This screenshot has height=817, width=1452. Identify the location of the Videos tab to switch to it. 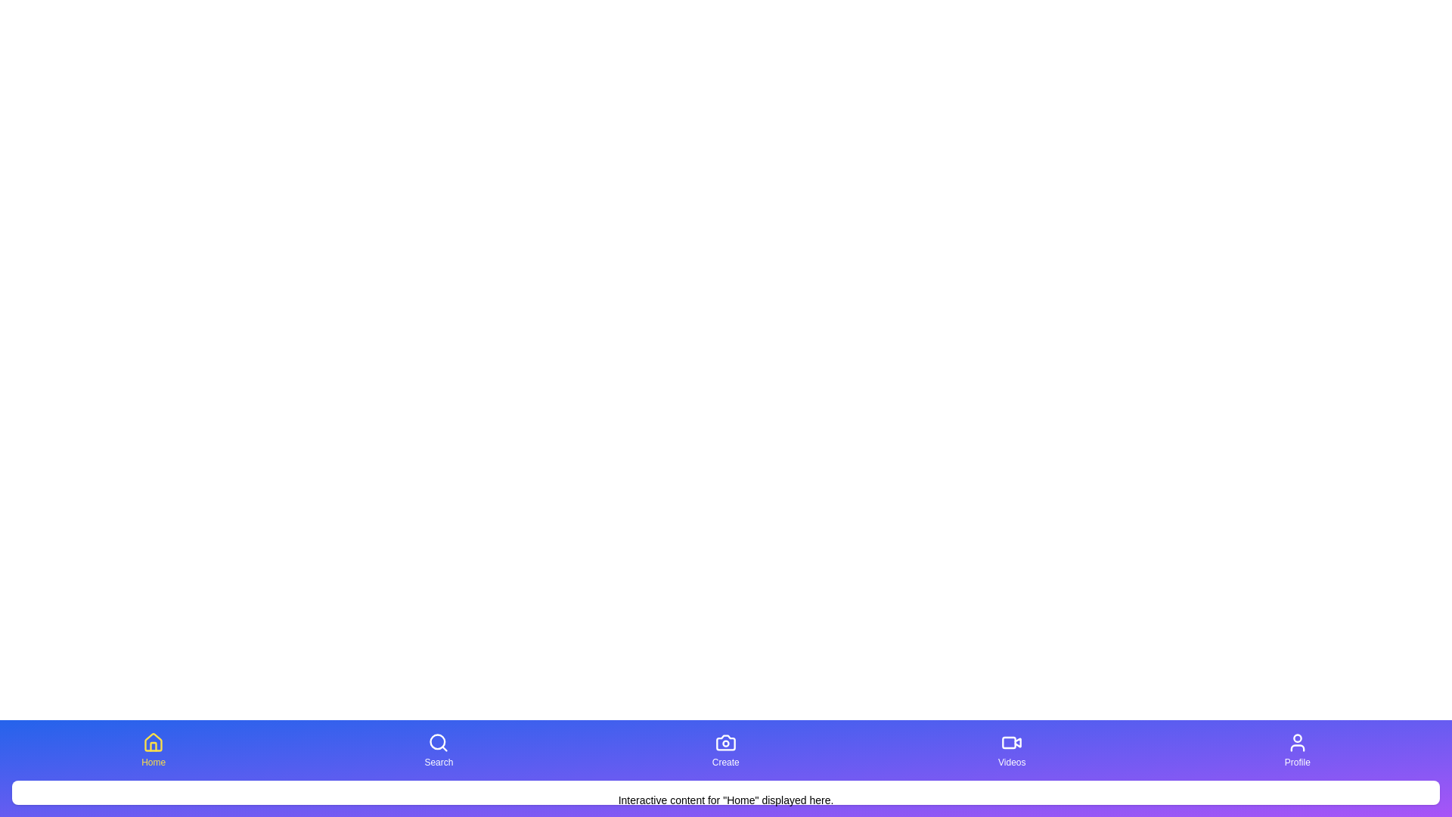
(1012, 750).